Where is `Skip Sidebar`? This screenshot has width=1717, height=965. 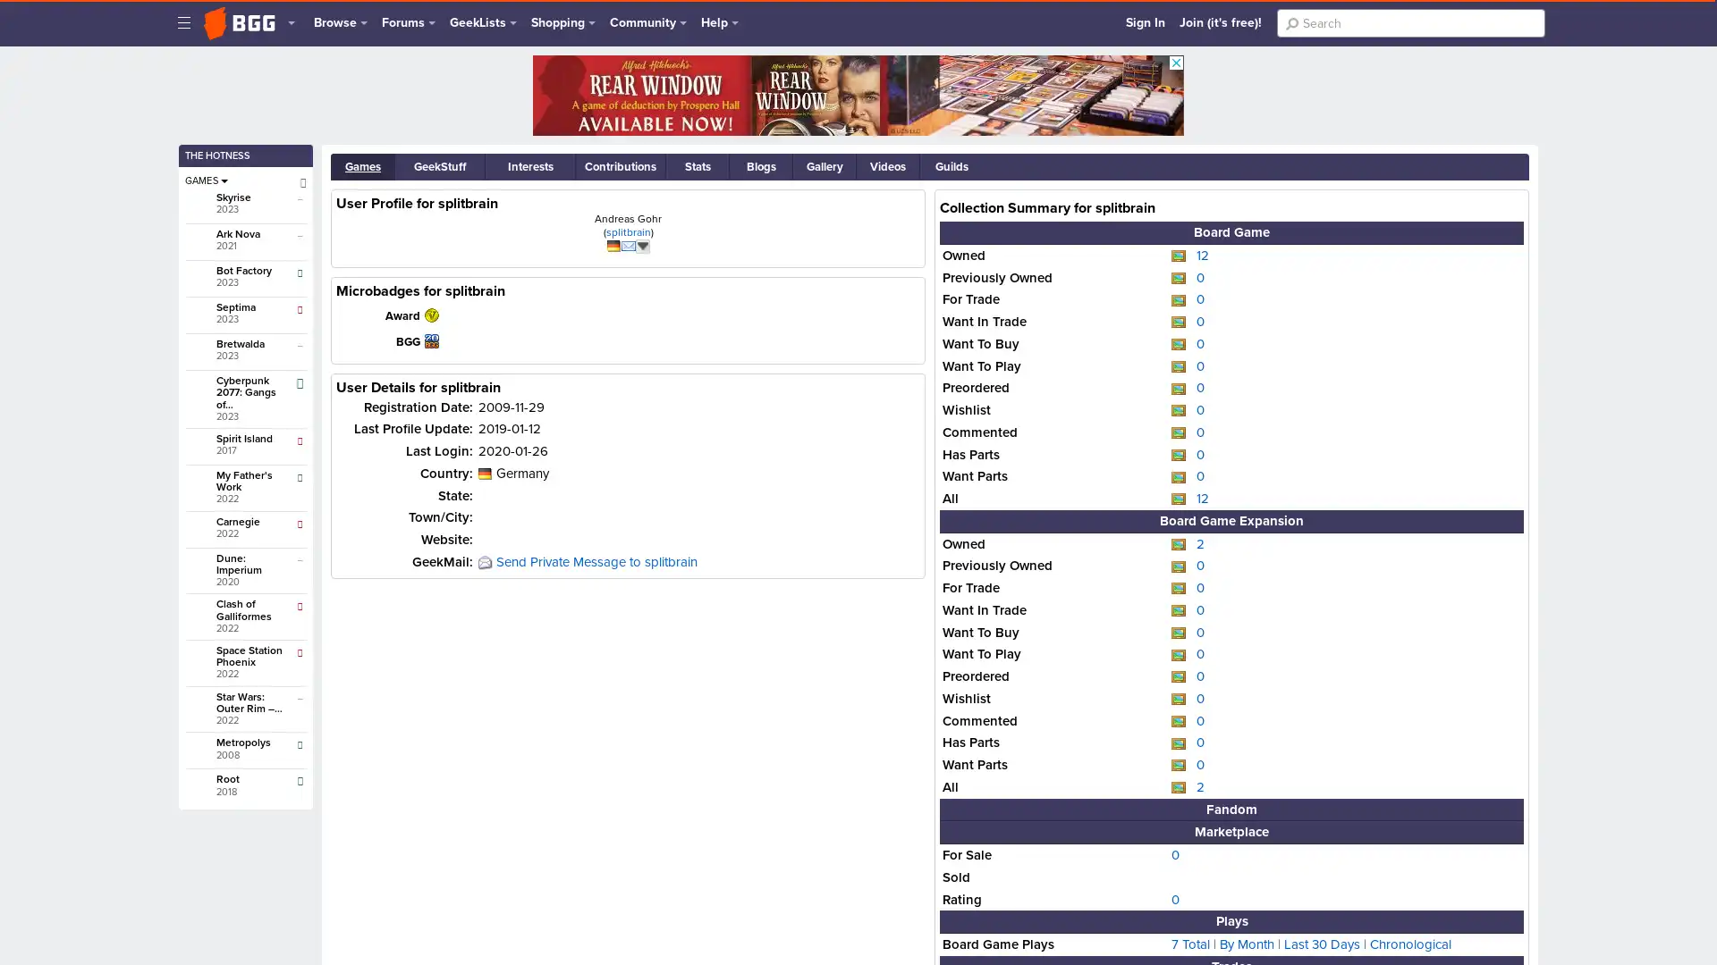
Skip Sidebar is located at coordinates (197, 75).